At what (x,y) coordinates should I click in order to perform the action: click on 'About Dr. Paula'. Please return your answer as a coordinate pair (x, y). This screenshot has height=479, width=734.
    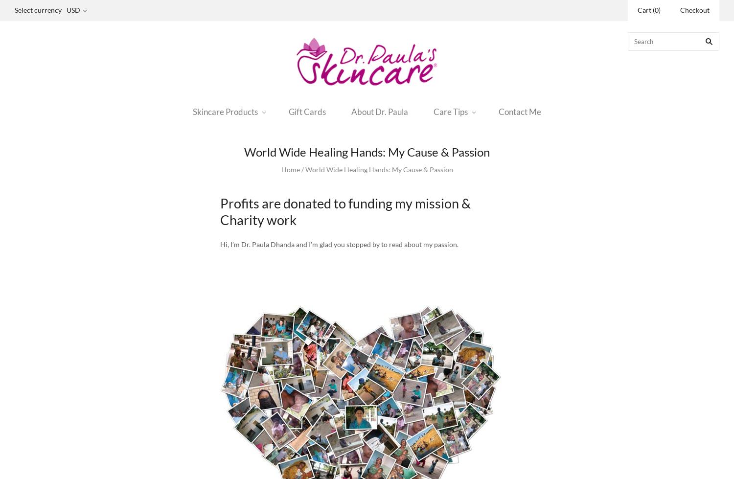
    Looking at the image, I should click on (379, 111).